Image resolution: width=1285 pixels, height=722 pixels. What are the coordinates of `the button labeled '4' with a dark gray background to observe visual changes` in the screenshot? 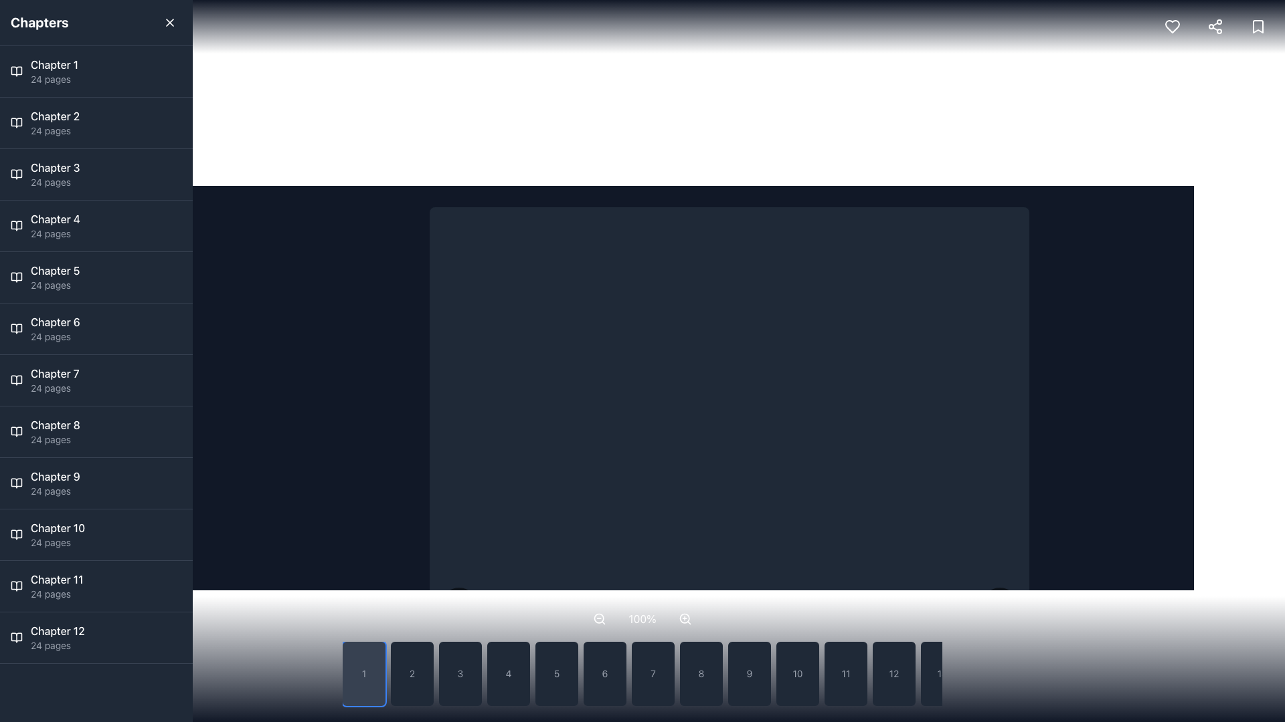 It's located at (507, 673).